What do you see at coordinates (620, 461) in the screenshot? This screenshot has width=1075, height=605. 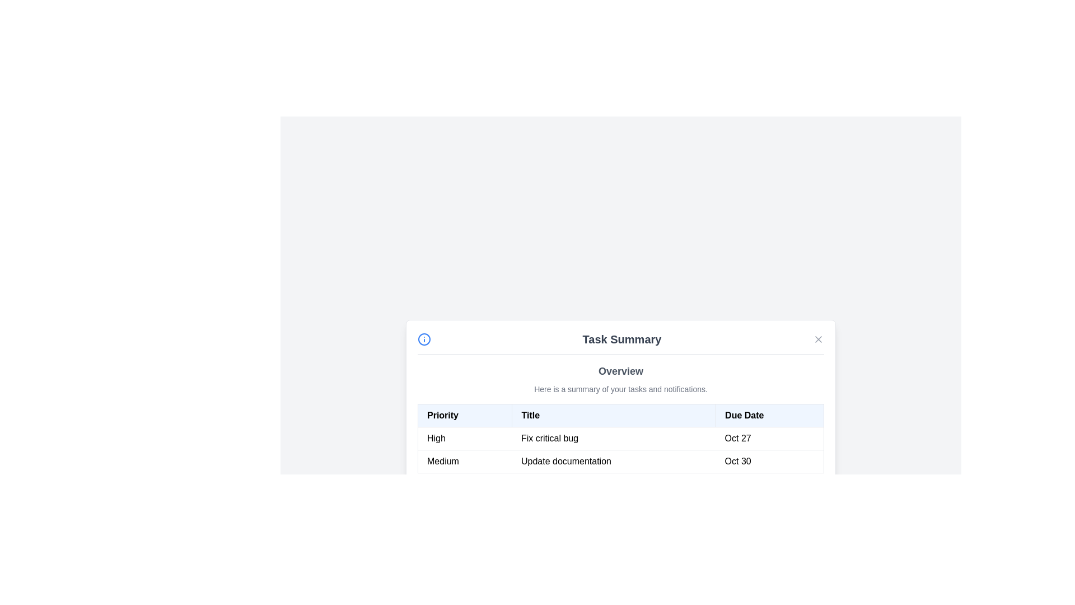 I see `the second row of the tasks table representing the medium priority task titled 'Update documentation', which is due on October 30th` at bounding box center [620, 461].